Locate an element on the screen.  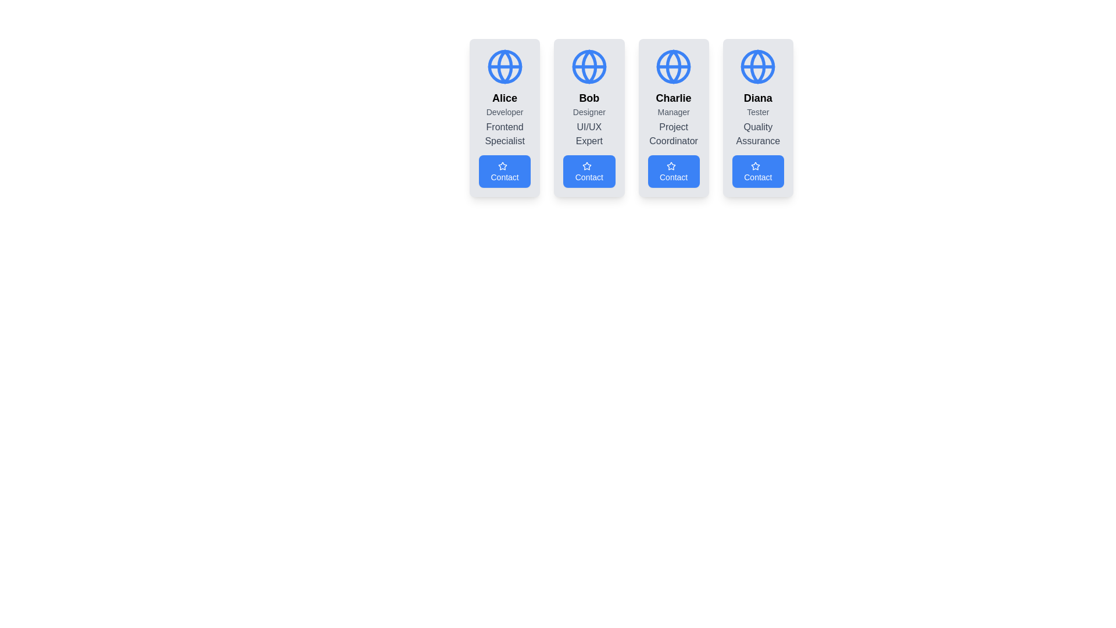
the rectangular button with a blue background and white star icon labeled 'Contact' is located at coordinates (589, 171).